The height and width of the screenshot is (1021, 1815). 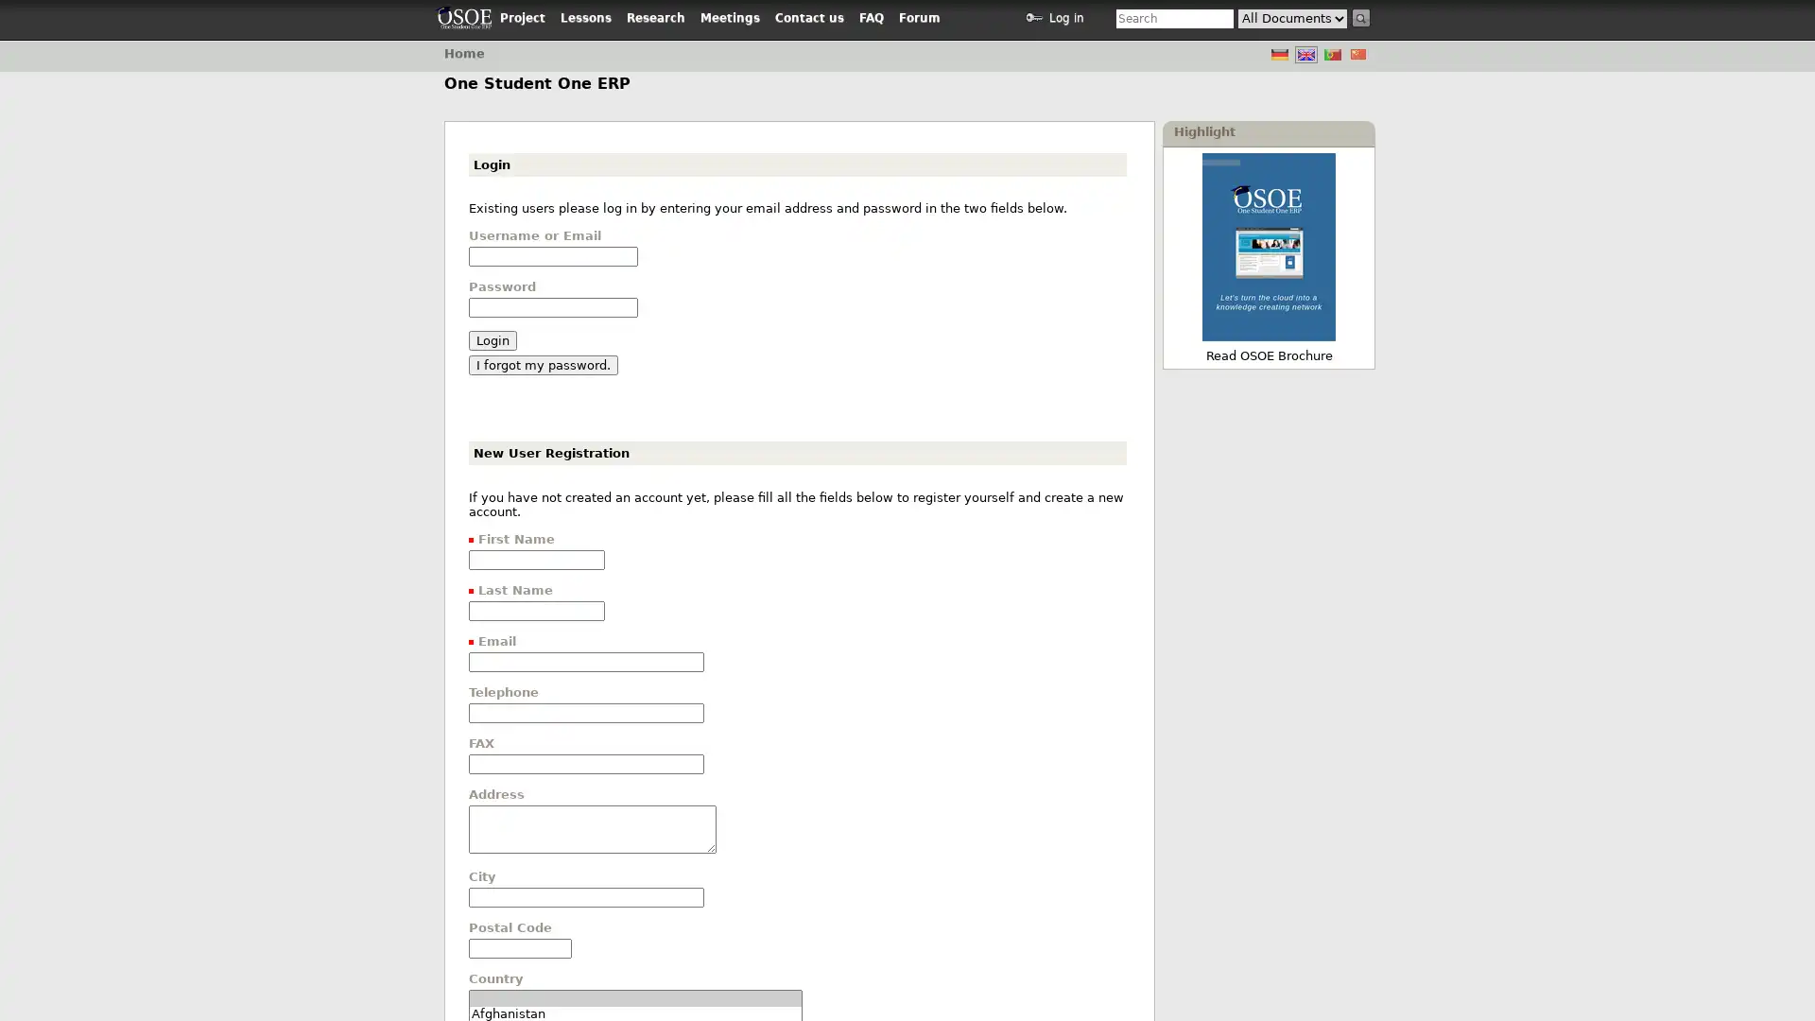 What do you see at coordinates (543, 365) in the screenshot?
I see `I forgot my password.` at bounding box center [543, 365].